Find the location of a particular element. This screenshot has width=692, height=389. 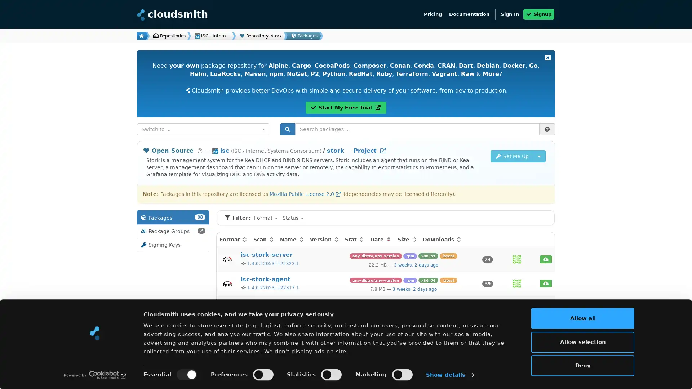

Open Intercom Messenger is located at coordinates (674, 371).